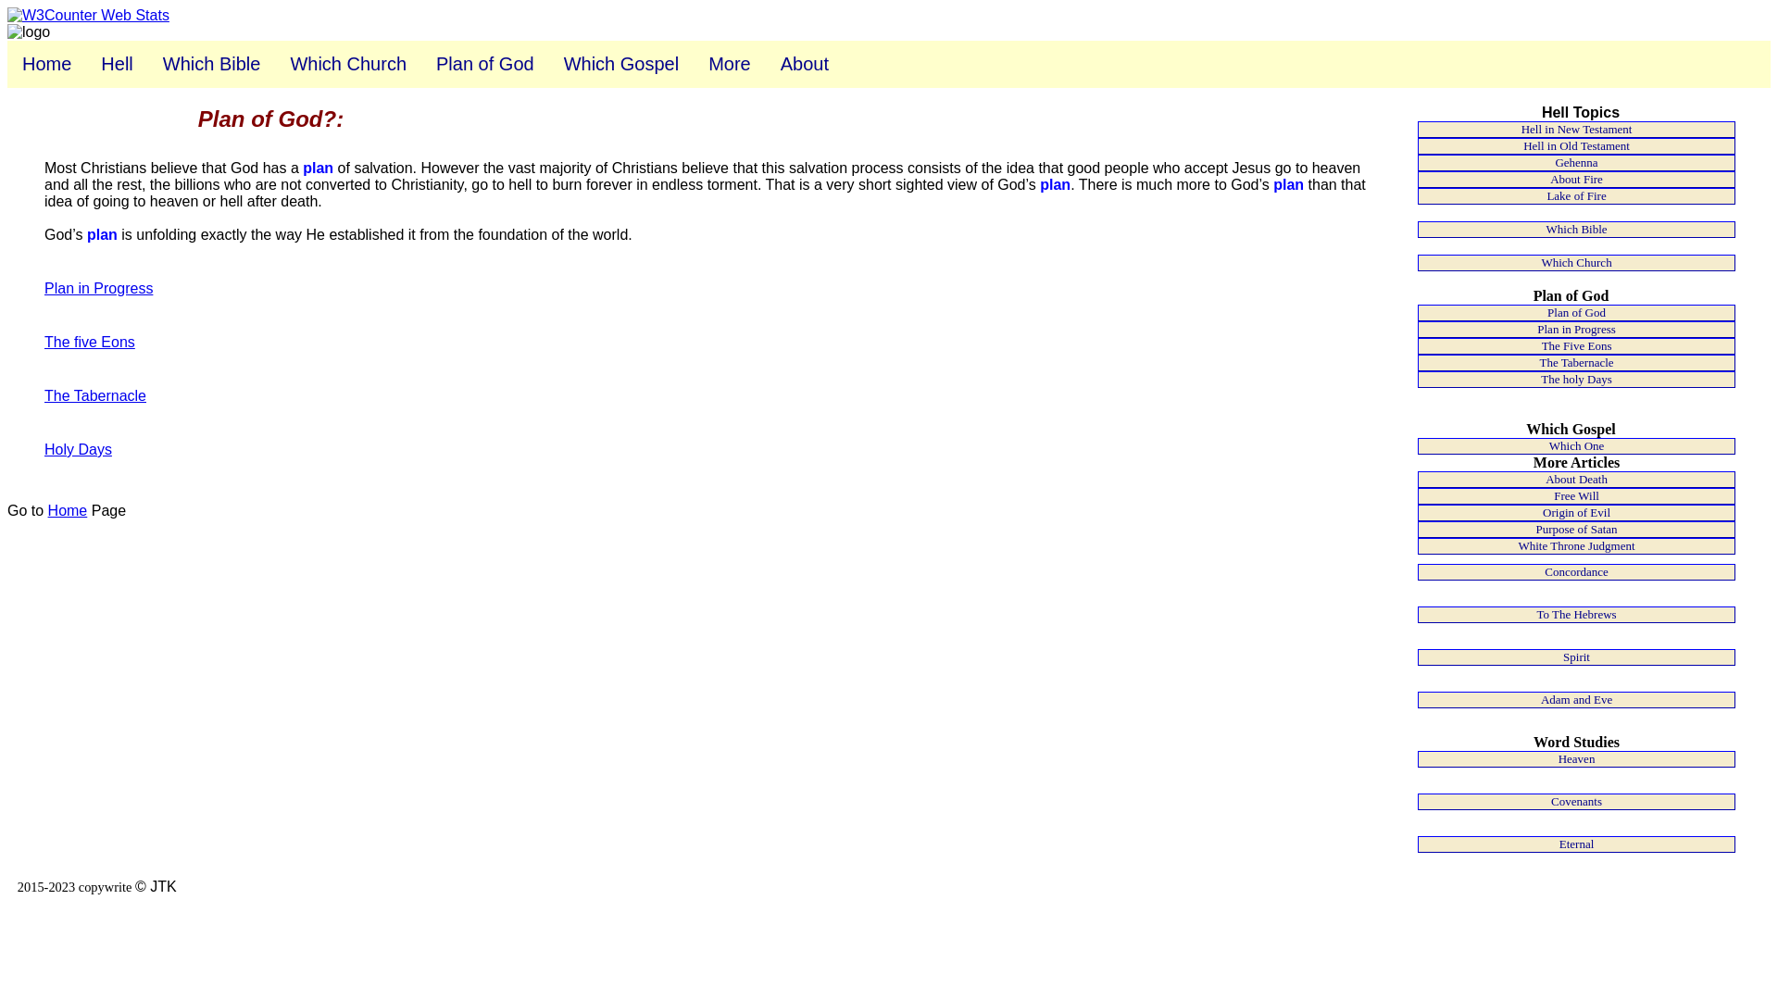  I want to click on 'Which Bible', so click(1575, 228).